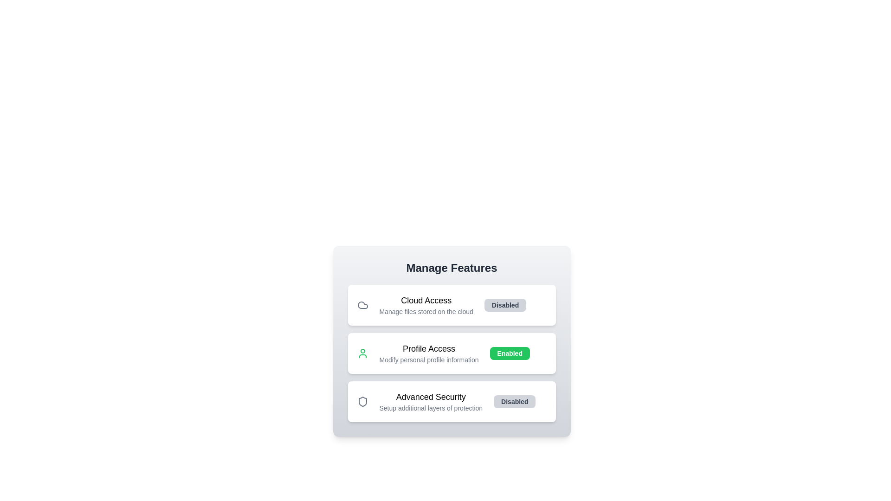 The height and width of the screenshot is (501, 891). Describe the element at coordinates (505, 305) in the screenshot. I see `toggle button for the feature identified by Cloud Access` at that location.